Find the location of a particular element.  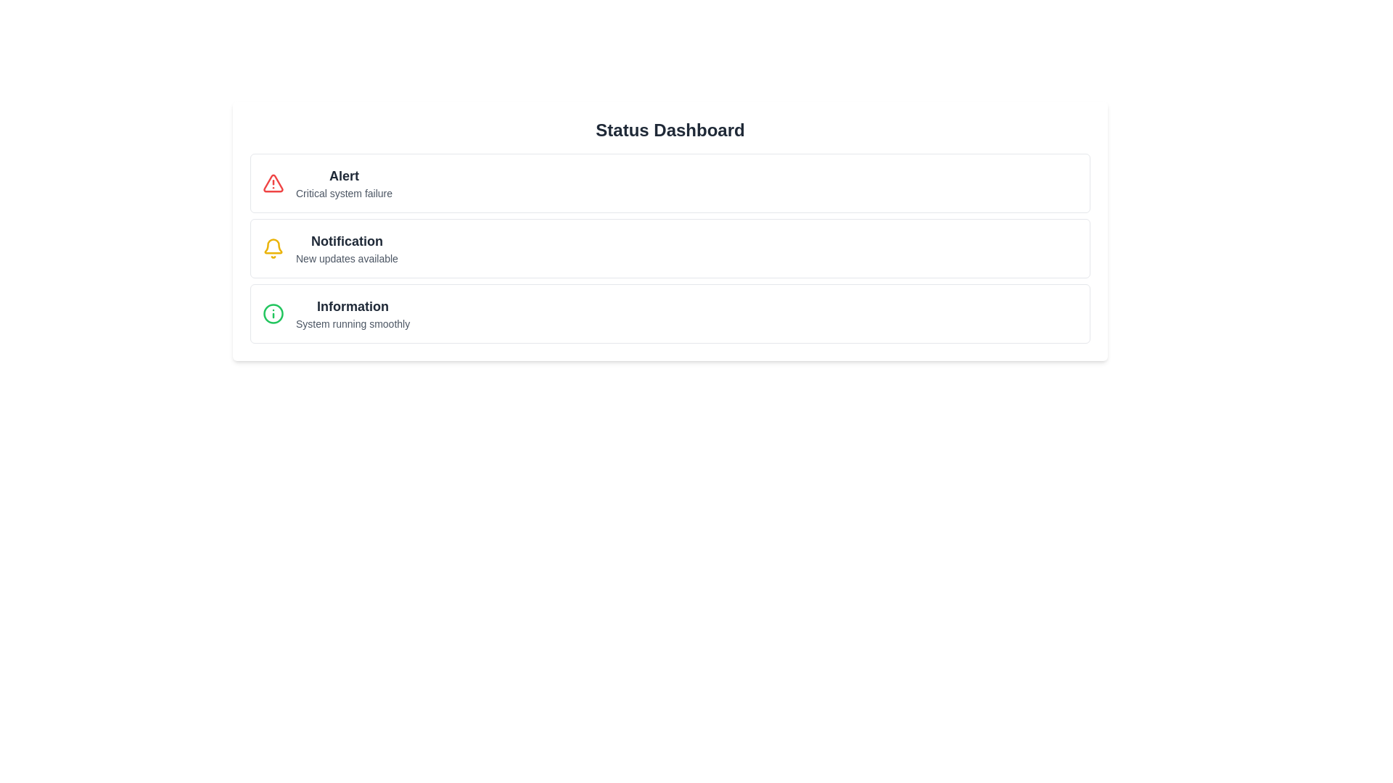

the icon located on the leftmost side of the 'Information' section, which serves as a visual indicator for notifications related to the text 'Information System running smoothly' is located at coordinates (274, 312).